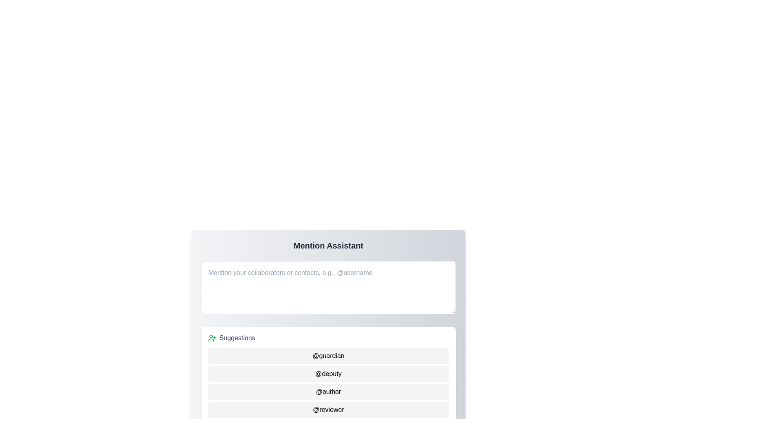 This screenshot has height=440, width=782. Describe the element at coordinates (328, 374) in the screenshot. I see `to select the option '@deputy' in the Suggestions list of the Mention Assistant dropdown interface` at that location.